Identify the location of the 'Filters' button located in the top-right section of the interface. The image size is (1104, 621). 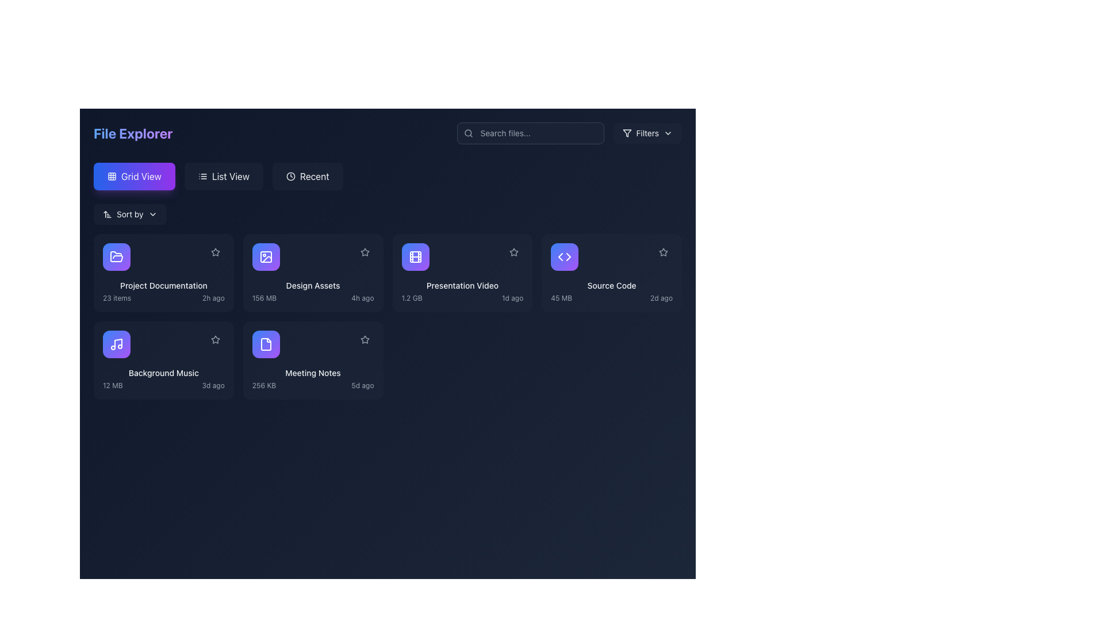
(626, 132).